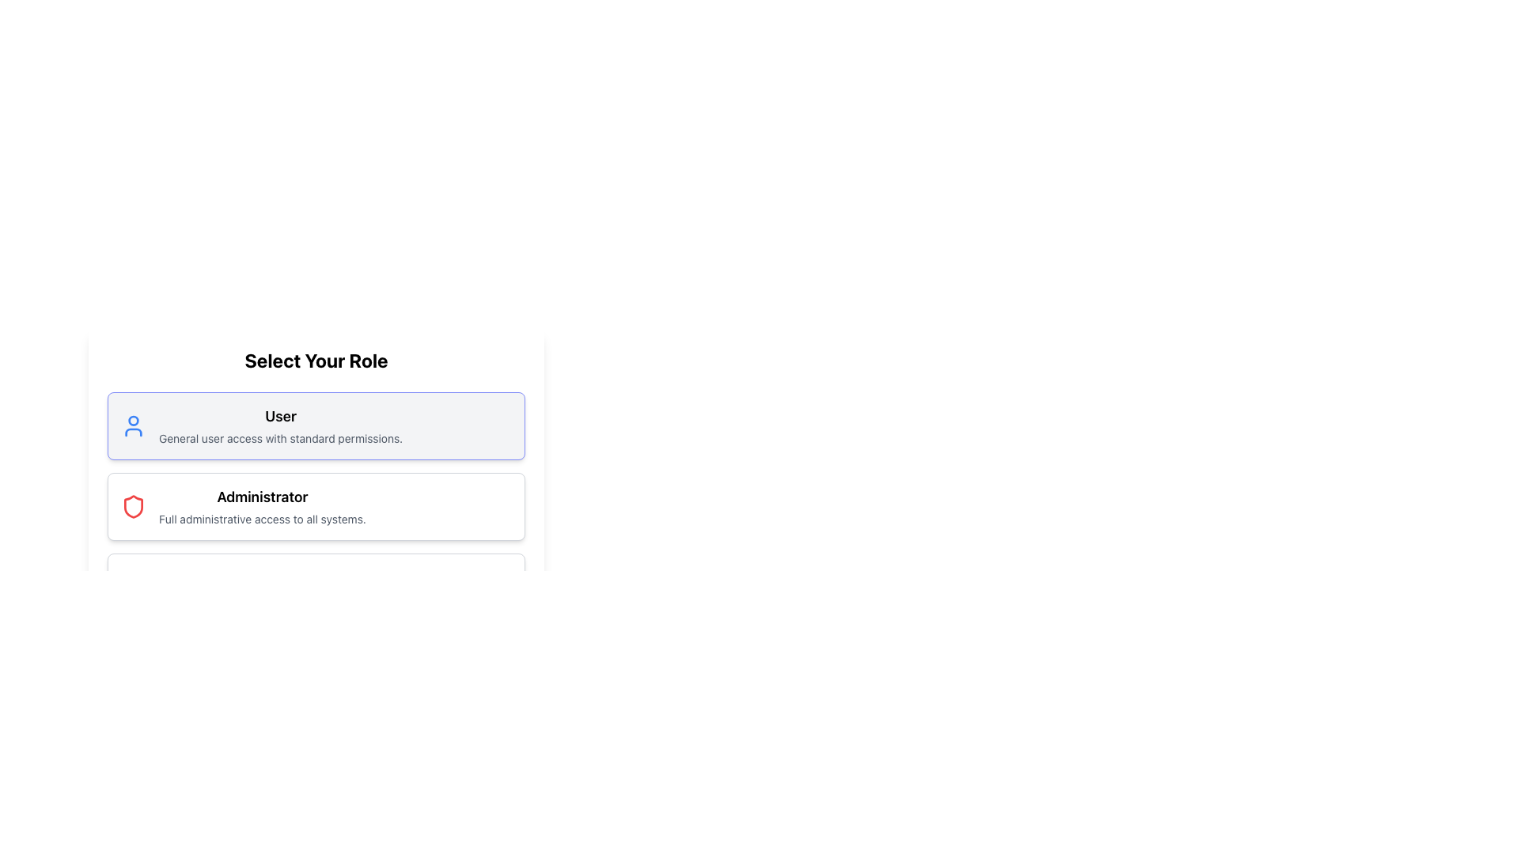  What do you see at coordinates (133, 506) in the screenshot?
I see `the red shield icon located on the left side of the 'Administrator' box in the 'Select Your Role' interface` at bounding box center [133, 506].